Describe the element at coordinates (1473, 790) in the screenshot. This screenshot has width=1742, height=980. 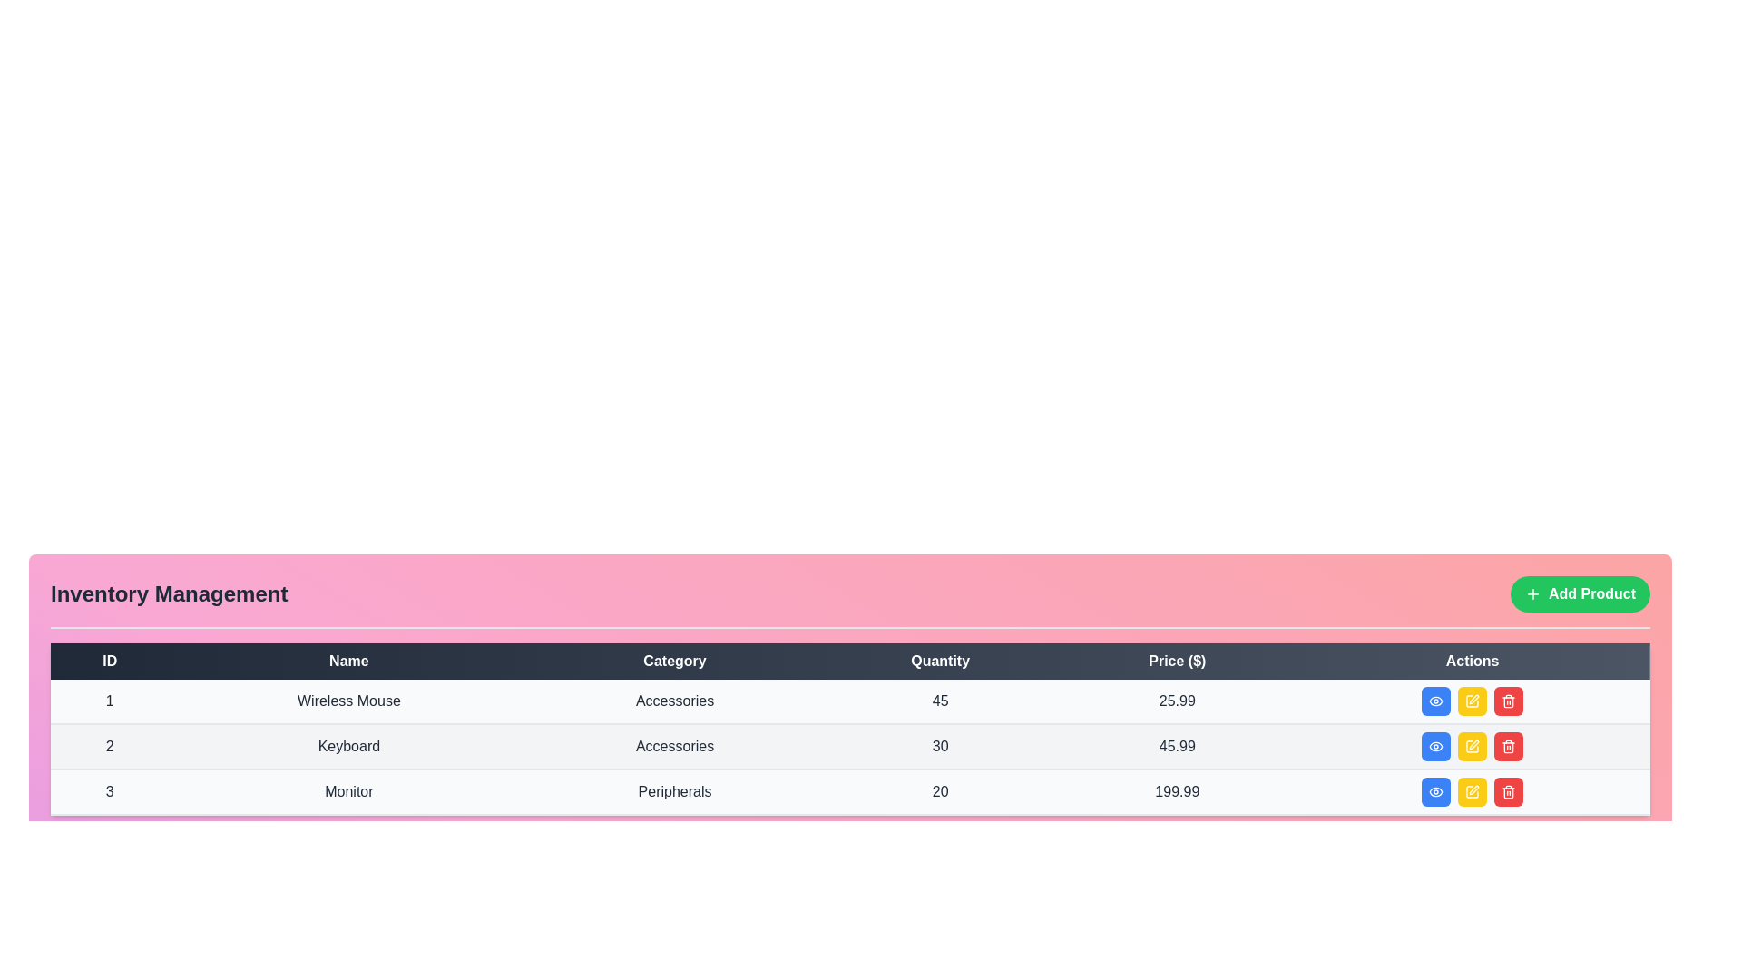
I see `the edit button located in the 'Actions' column of the third row in the 'Inventory Management' section to initiate editing` at that location.